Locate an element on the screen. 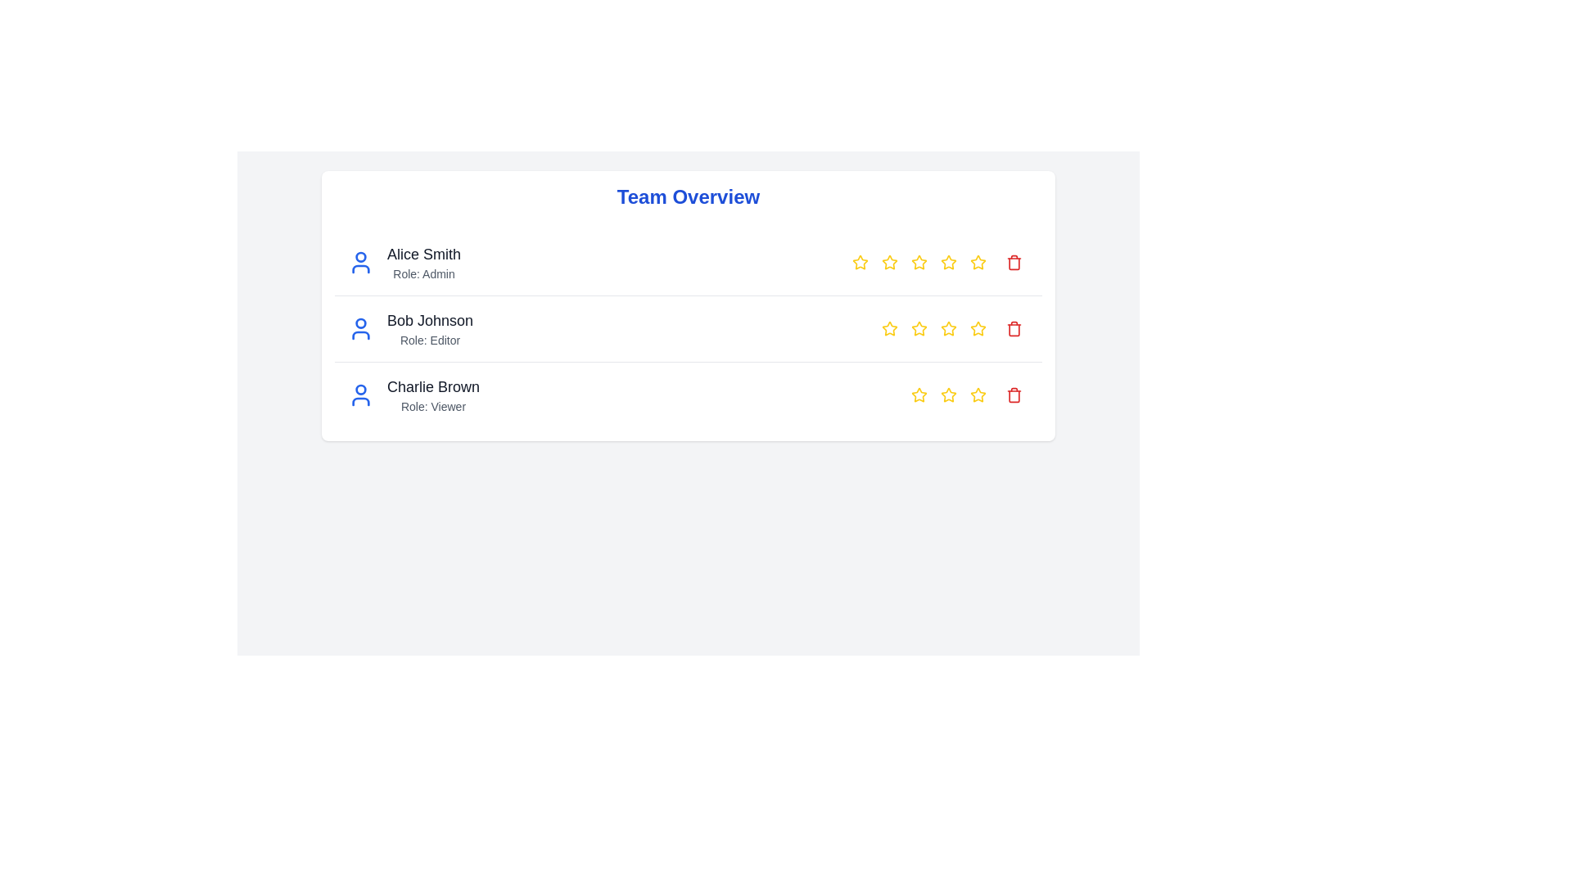 The height and width of the screenshot is (884, 1572). the fifth star icon in the rating system for 'Bob Johnson' in the 'Team Overview' section, positioned to the right of 'Role: Editor' is located at coordinates (978, 261).